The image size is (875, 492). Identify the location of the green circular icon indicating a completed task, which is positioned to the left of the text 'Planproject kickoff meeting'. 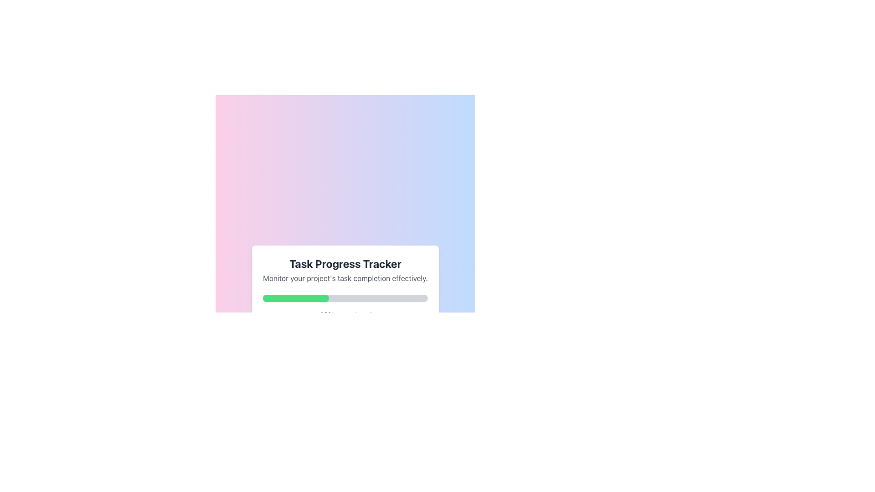
(273, 338).